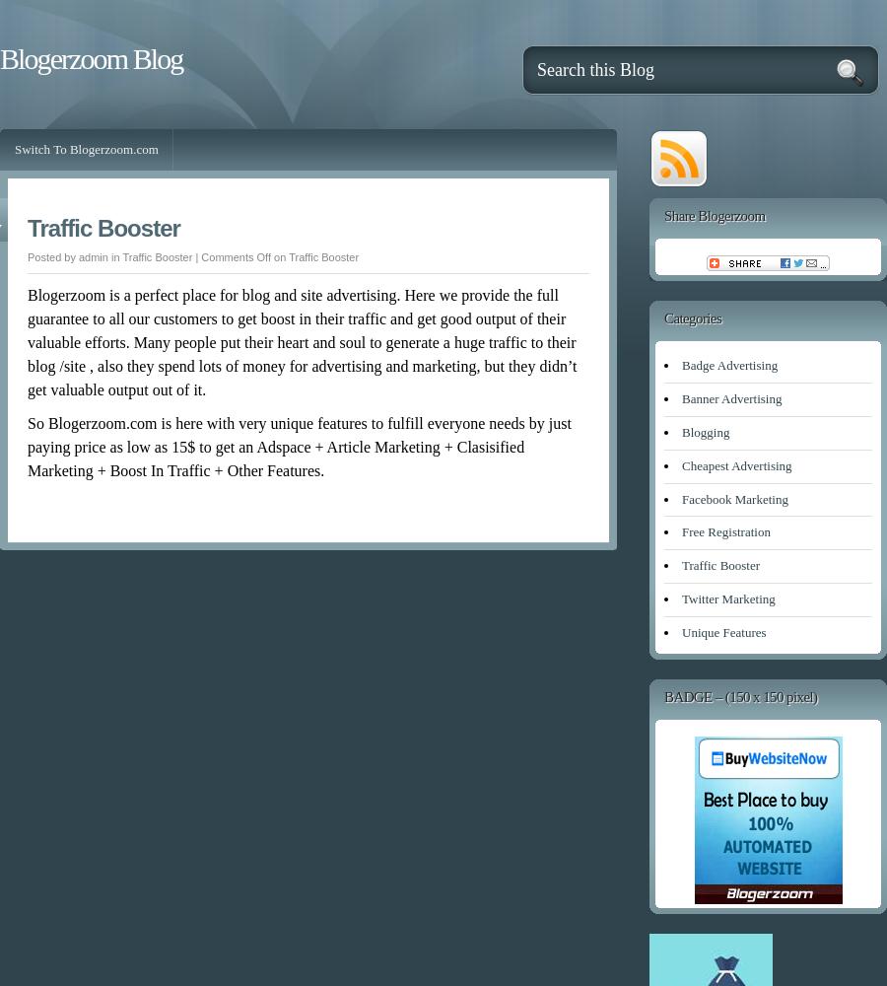  What do you see at coordinates (735, 463) in the screenshot?
I see `'Cheapest Advertising'` at bounding box center [735, 463].